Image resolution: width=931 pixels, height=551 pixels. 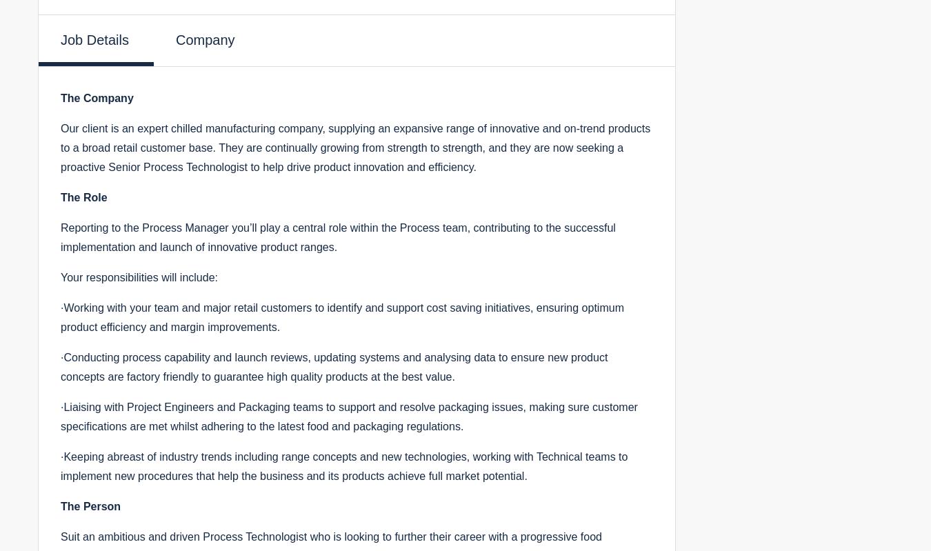 I want to click on '·Working with your team and major retail customers to identify and support cost saving initiatives, ensuring optimum product efficiency and margin improvements.', so click(x=60, y=317).